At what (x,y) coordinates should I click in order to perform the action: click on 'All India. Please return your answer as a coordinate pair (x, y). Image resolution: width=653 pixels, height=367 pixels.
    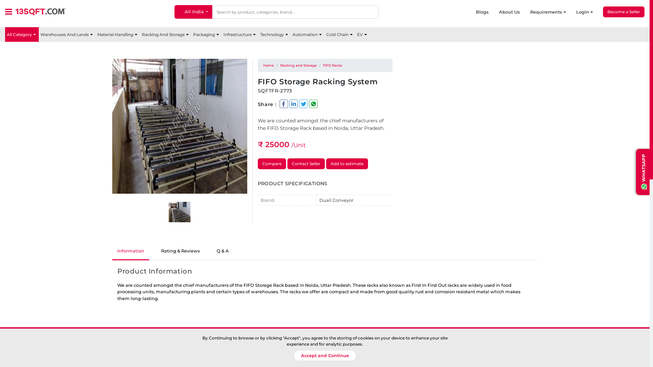
    Looking at the image, I should click on (174, 12).